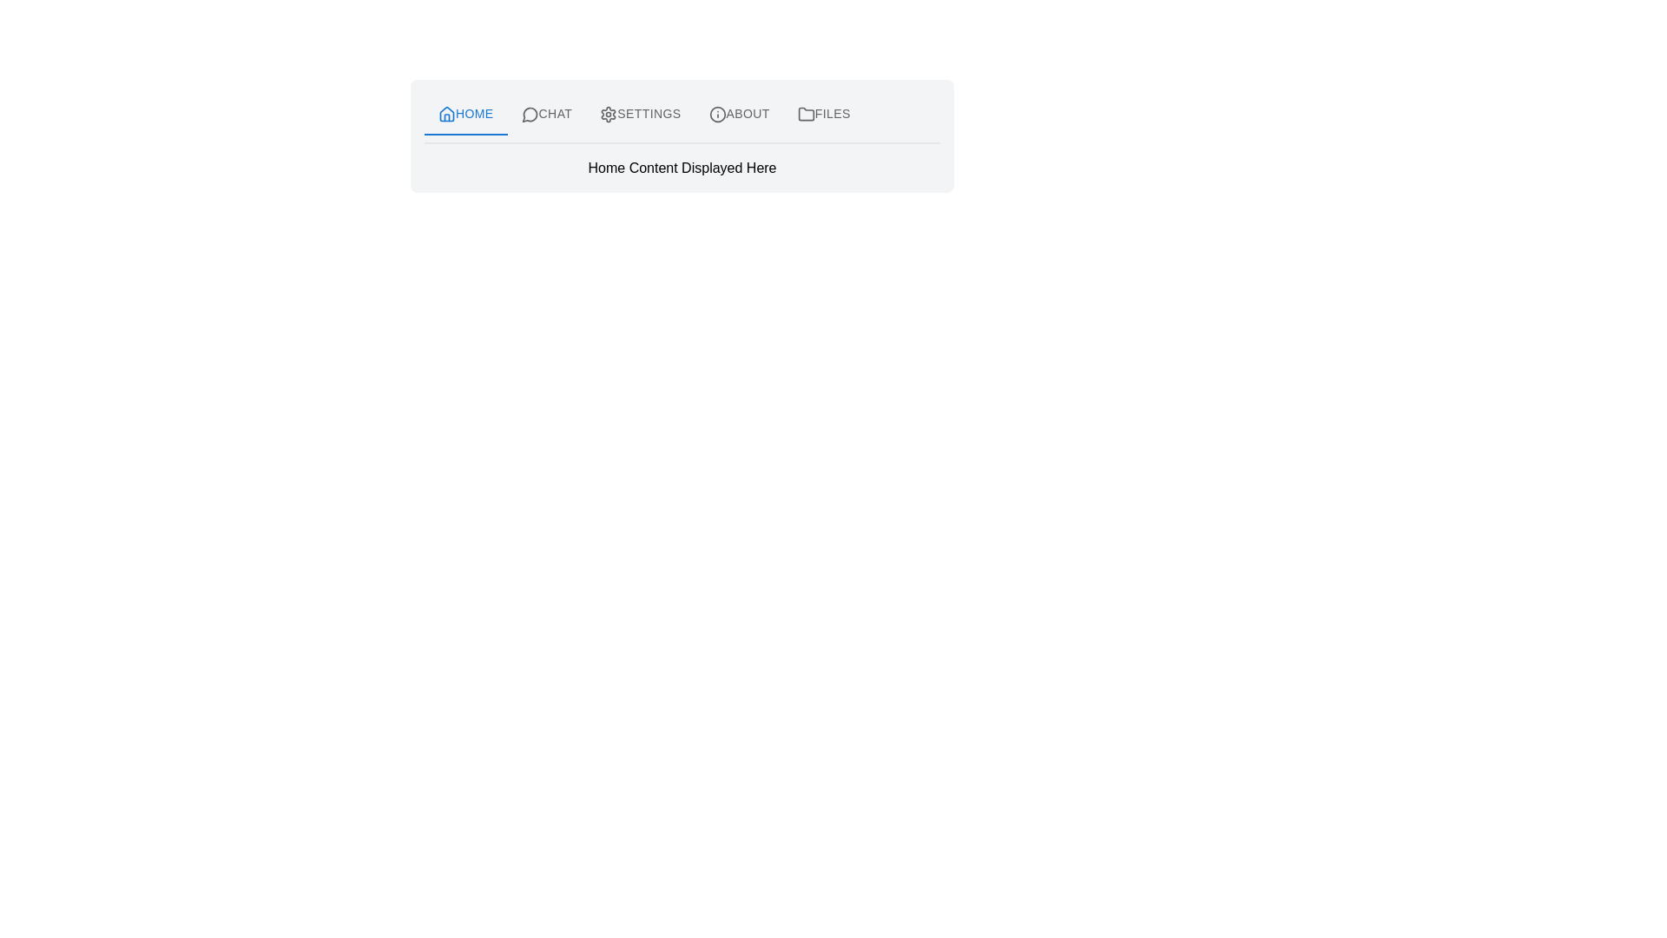 This screenshot has width=1667, height=938. What do you see at coordinates (465, 114) in the screenshot?
I see `the 'Home' tab located in the upper left quadrant of the navigation menu` at bounding box center [465, 114].